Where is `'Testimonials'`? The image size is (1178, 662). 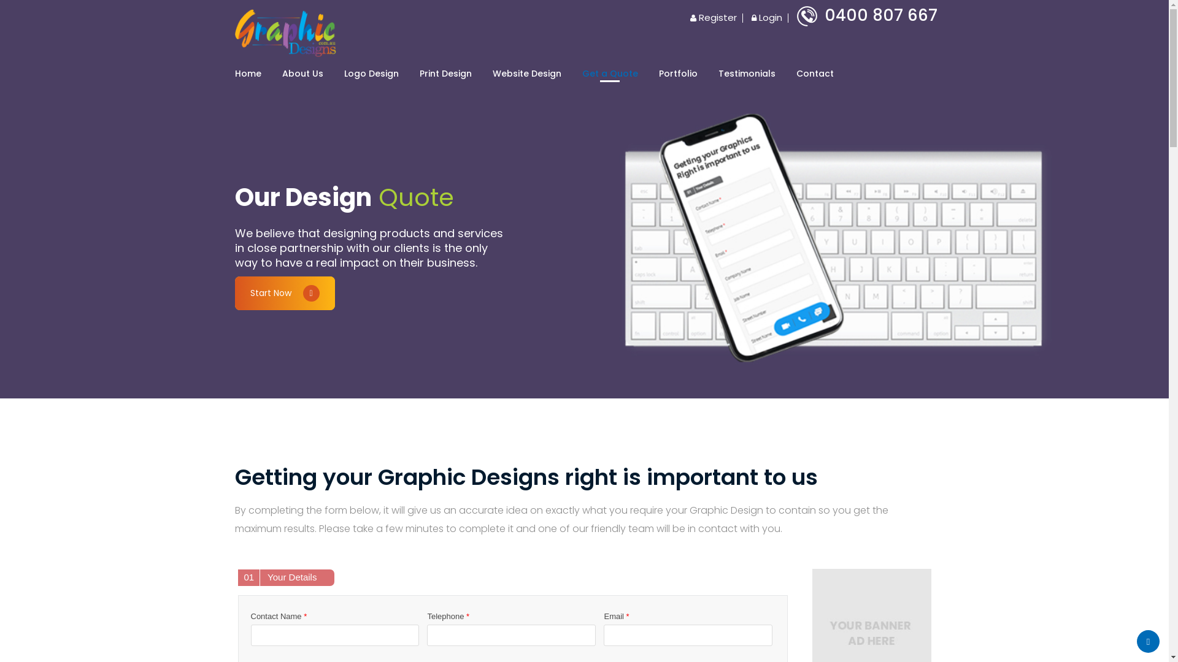 'Testimonials' is located at coordinates (745, 73).